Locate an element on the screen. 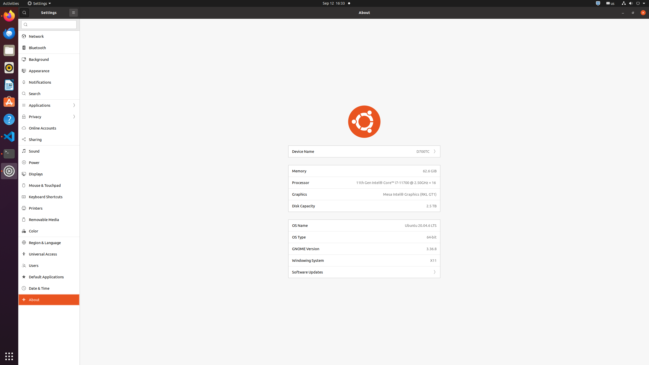 This screenshot has height=365, width=649. 'Appearance' is located at coordinates (52, 71).